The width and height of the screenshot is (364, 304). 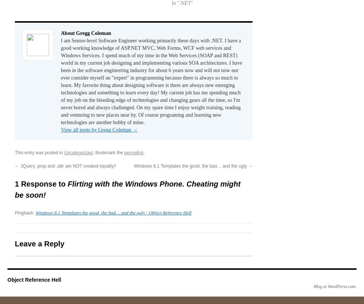 What do you see at coordinates (86, 33) in the screenshot?
I see `'About Gregg Coleman'` at bounding box center [86, 33].